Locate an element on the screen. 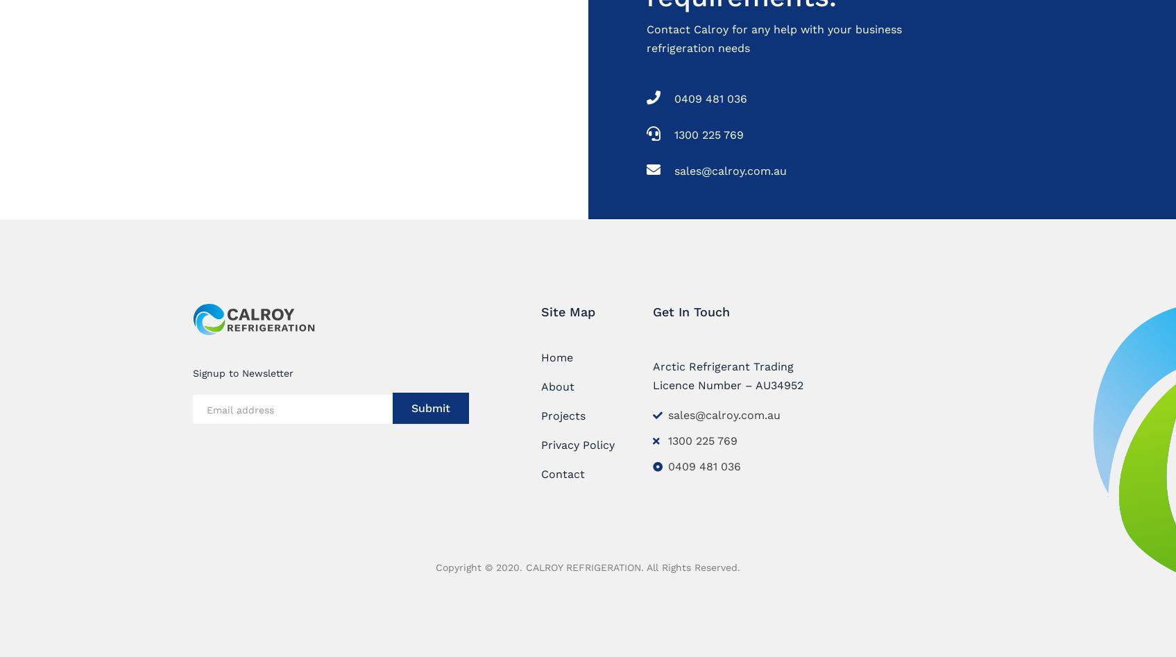 The width and height of the screenshot is (1176, 657). 'About' is located at coordinates (556, 385).